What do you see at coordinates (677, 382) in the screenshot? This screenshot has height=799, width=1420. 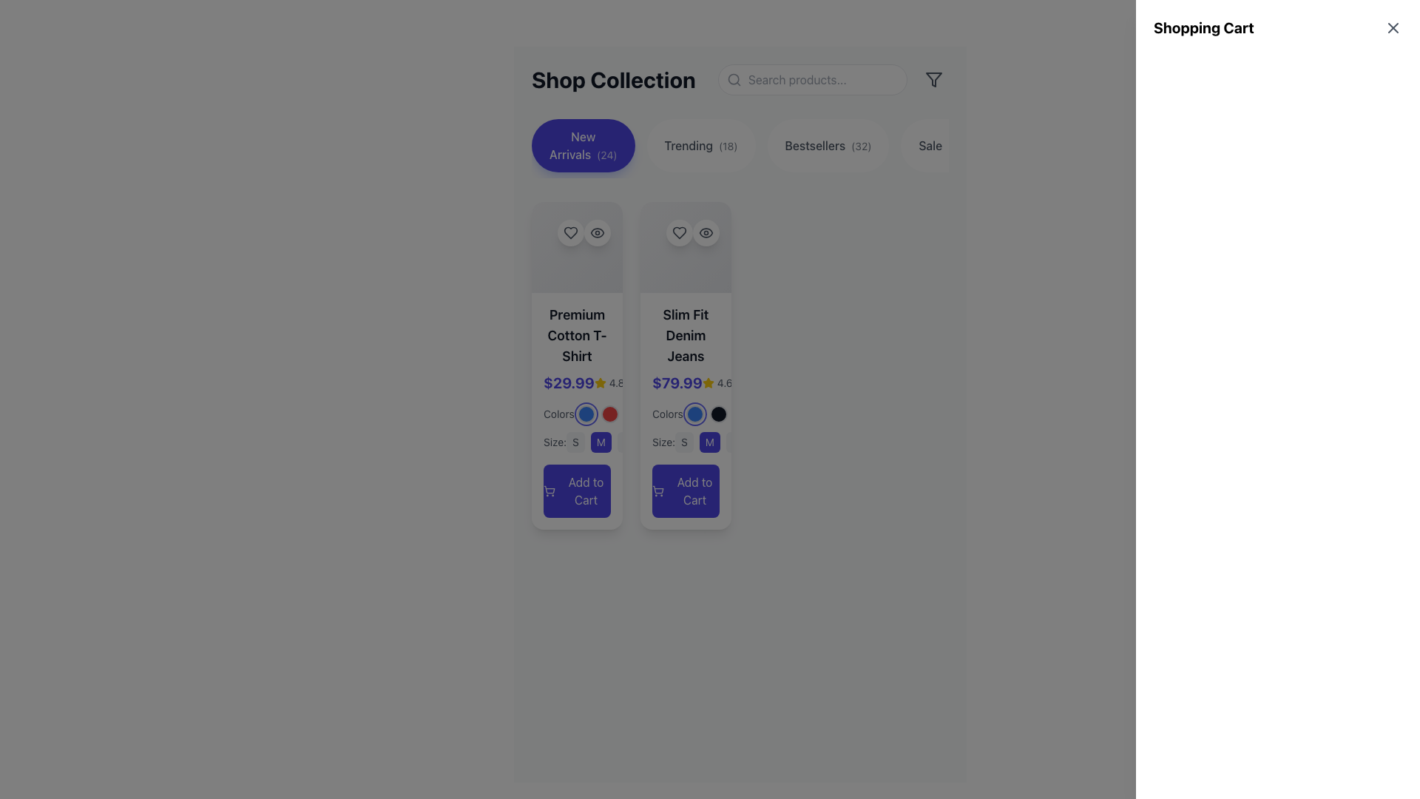 I see `the indigo colored, bold text label displaying the price '$79.99' located in the middle section of the right product card` at bounding box center [677, 382].